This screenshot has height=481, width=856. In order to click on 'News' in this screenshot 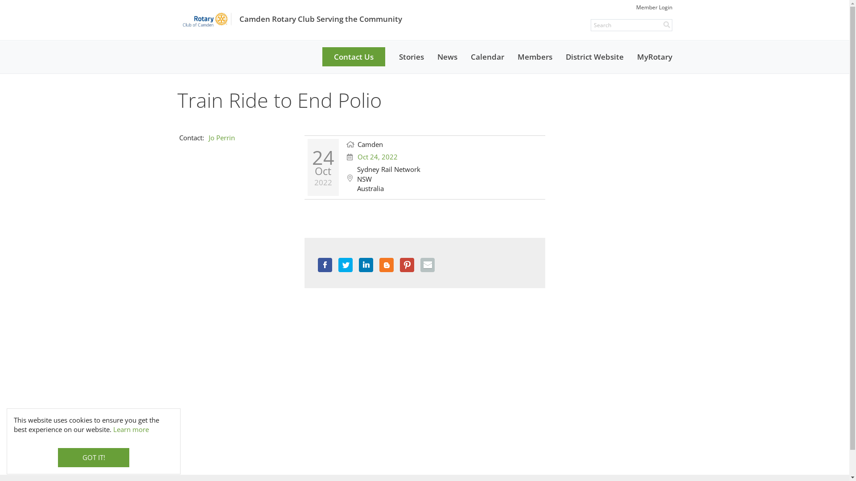, I will do `click(430, 57)`.